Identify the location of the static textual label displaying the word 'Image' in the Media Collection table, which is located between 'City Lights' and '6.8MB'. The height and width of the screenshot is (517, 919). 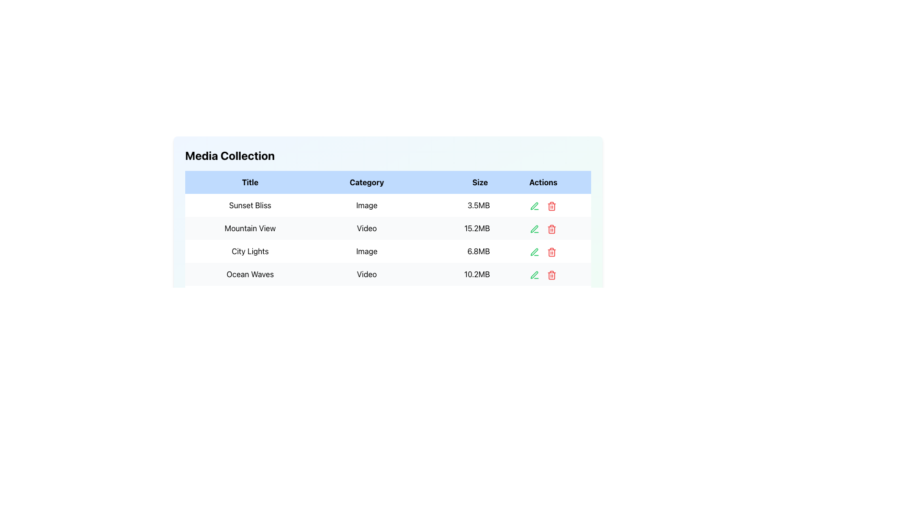
(366, 250).